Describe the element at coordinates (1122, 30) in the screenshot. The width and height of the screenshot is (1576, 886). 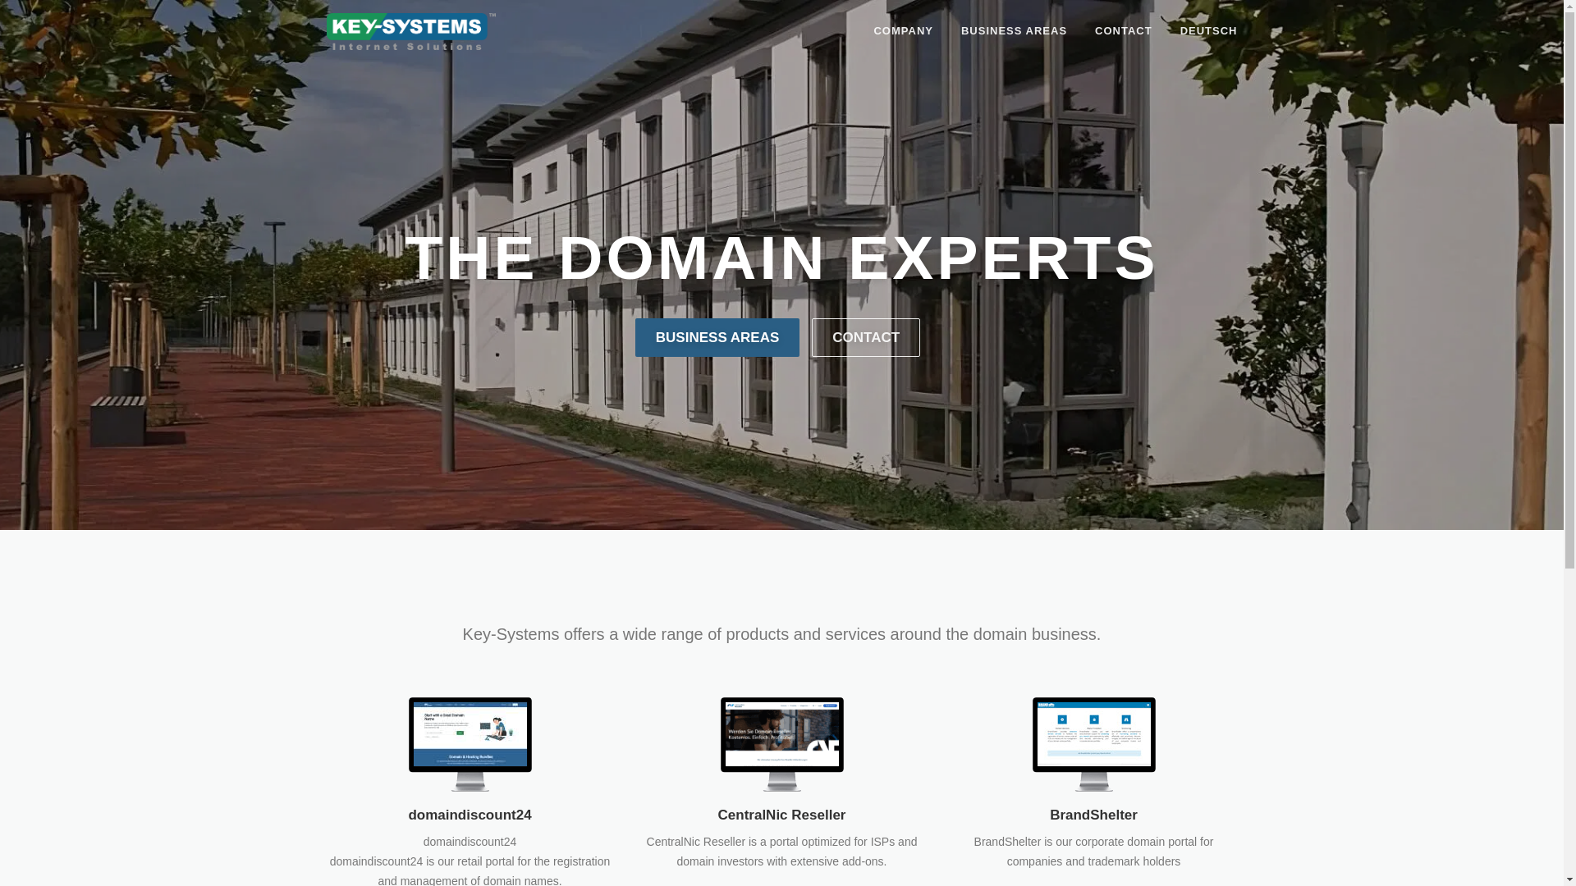
I see `'CONTACT'` at that location.